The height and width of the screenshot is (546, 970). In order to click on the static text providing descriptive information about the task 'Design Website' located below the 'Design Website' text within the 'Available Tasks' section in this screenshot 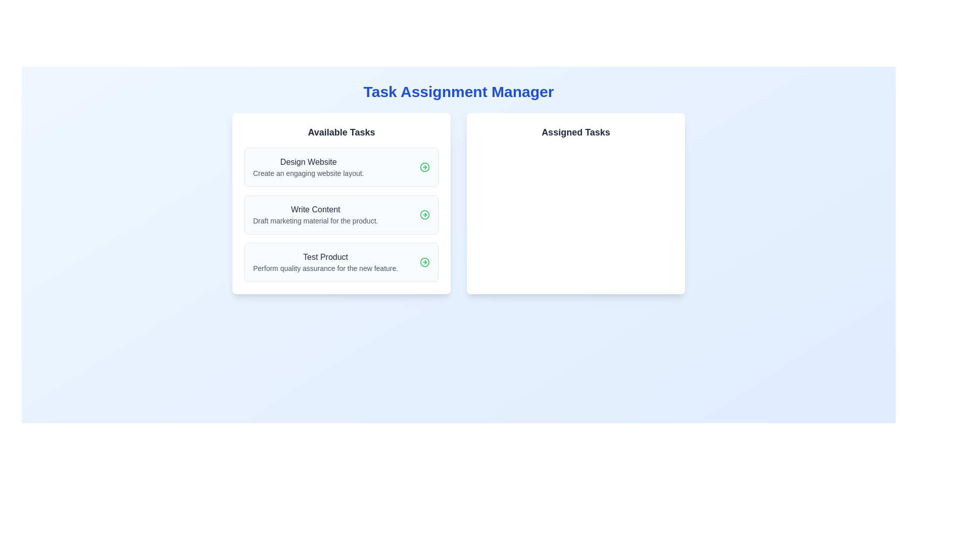, I will do `click(308, 173)`.